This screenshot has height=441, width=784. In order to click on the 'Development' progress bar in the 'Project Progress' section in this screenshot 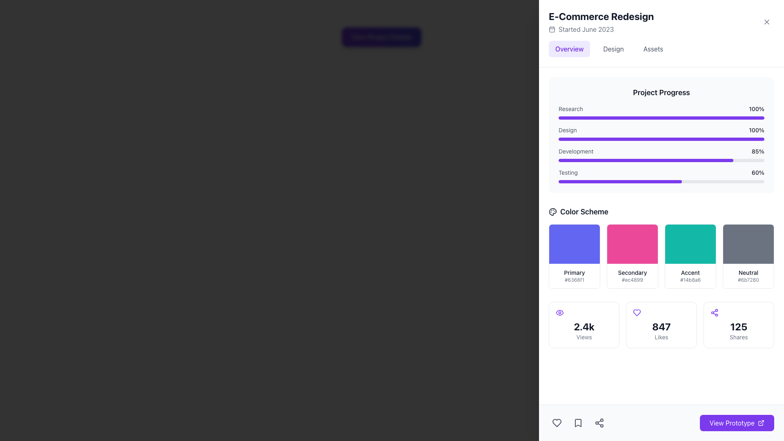, I will do `click(661, 144)`.